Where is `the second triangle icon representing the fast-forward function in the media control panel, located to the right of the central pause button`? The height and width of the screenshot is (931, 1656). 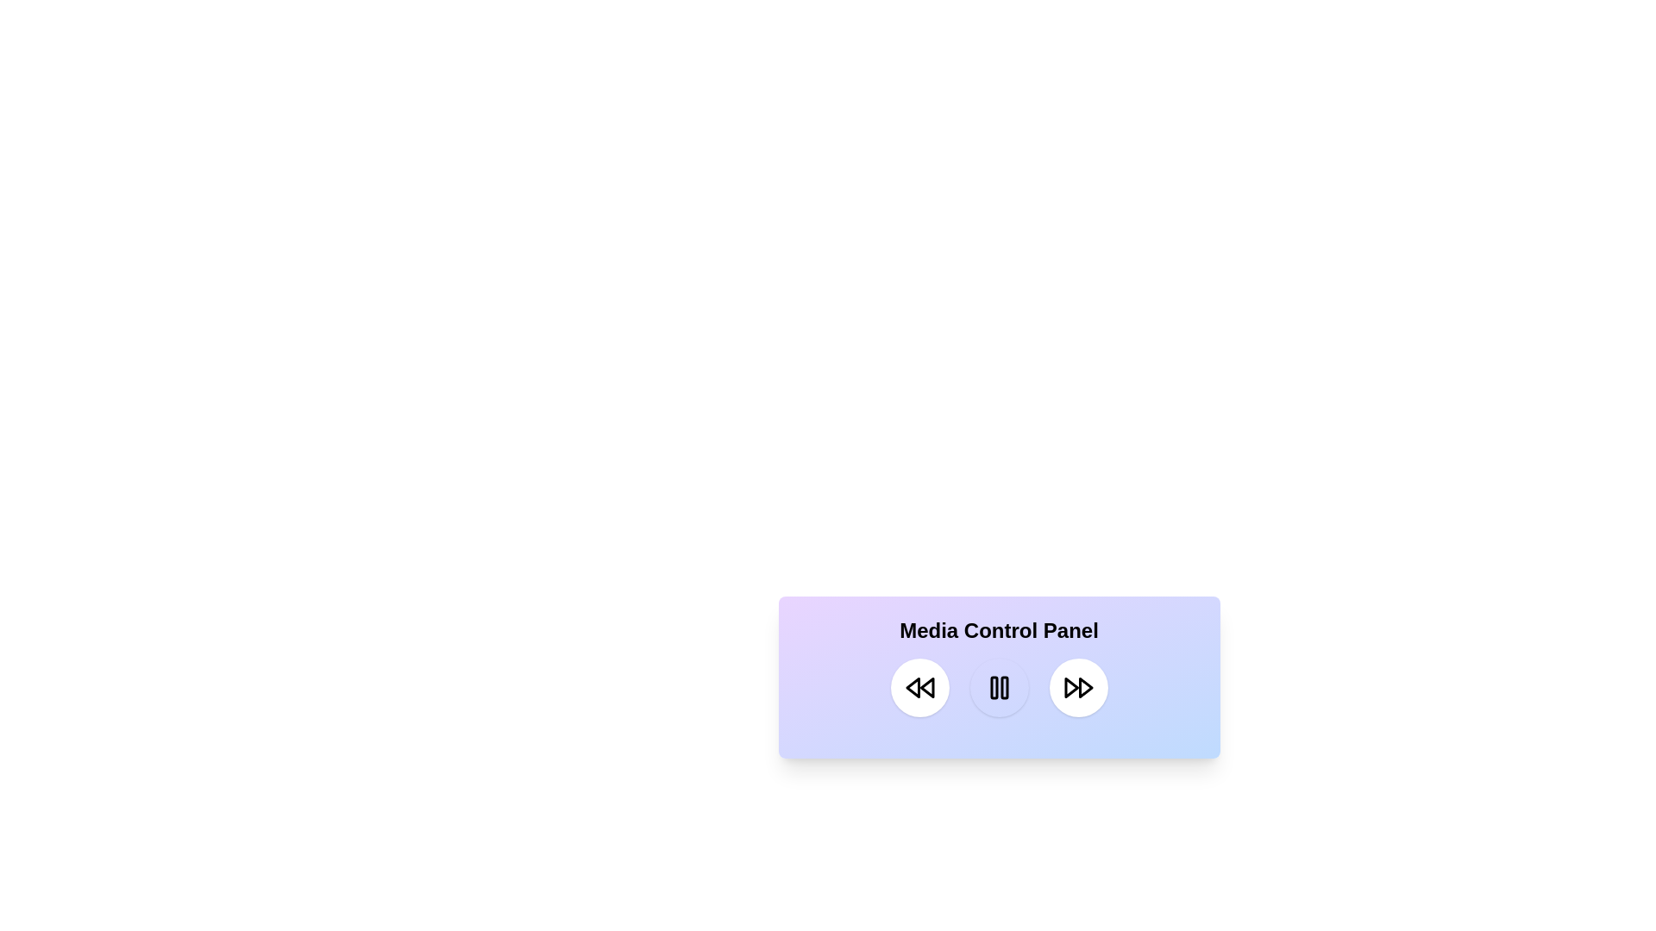
the second triangle icon representing the fast-forward function in the media control panel, located to the right of the central pause button is located at coordinates (1070, 687).